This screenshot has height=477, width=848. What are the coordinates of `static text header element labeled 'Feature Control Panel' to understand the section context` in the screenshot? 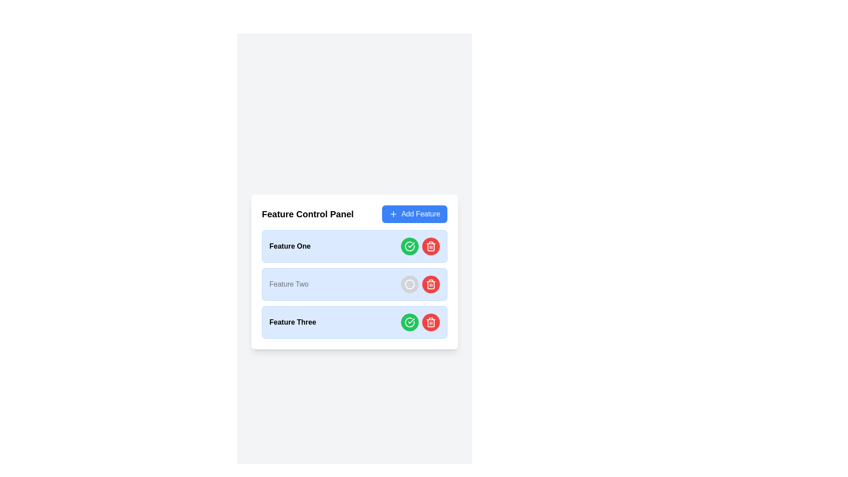 It's located at (307, 214).